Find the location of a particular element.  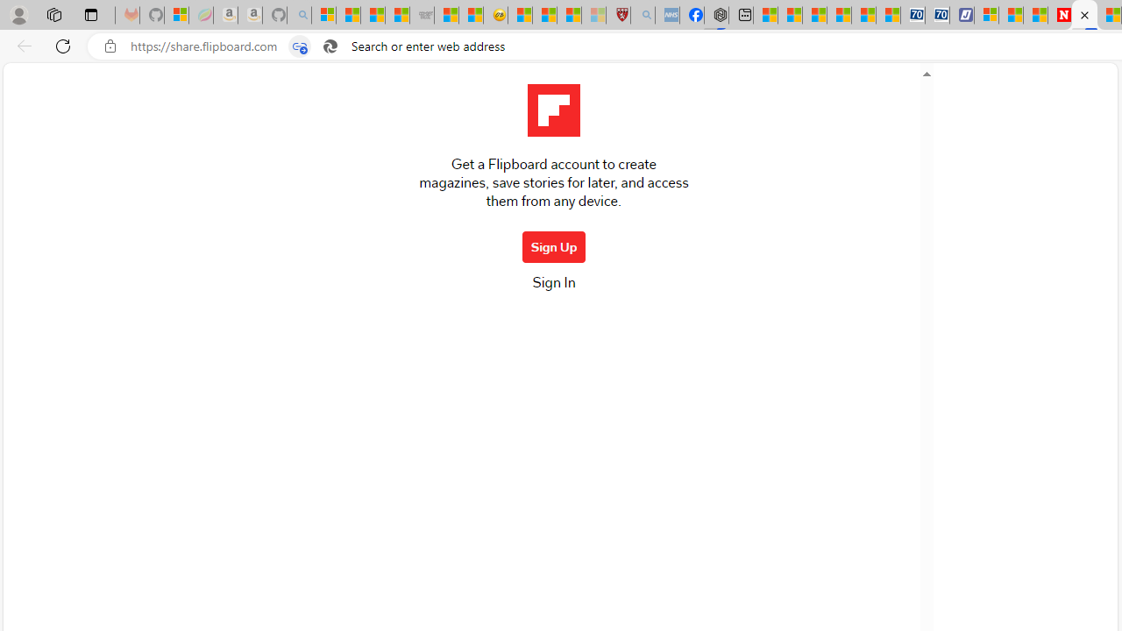

'Nordace - Nordace Siena Is Not An Ordinary Backpack' is located at coordinates (716, 15).